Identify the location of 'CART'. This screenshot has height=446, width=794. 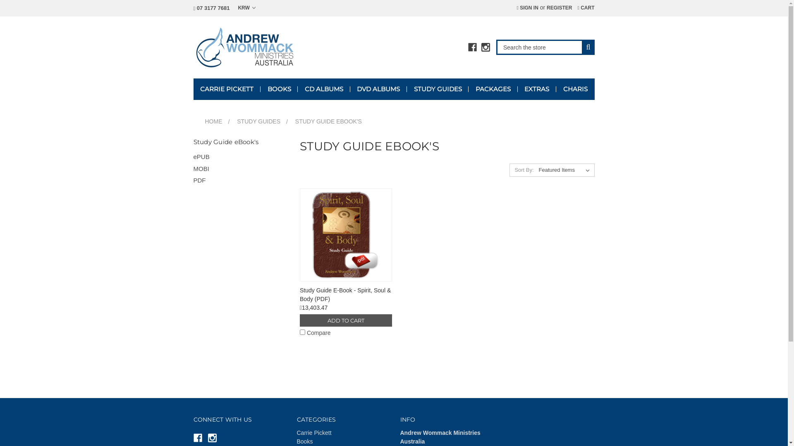
(585, 8).